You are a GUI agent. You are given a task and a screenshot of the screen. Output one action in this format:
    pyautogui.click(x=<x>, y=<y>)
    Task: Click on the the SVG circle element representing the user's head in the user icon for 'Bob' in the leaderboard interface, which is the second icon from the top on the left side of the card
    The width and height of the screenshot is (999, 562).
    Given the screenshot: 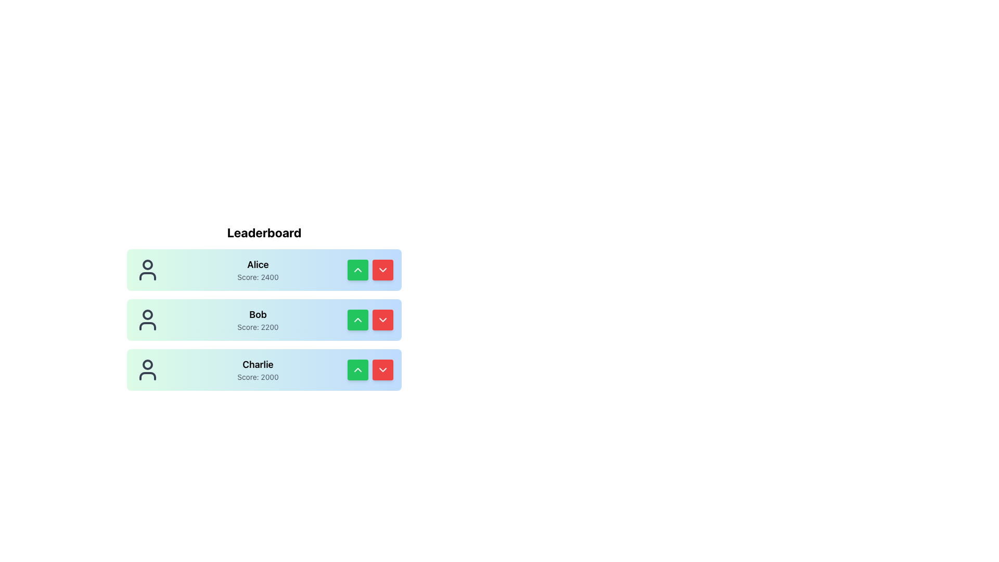 What is the action you would take?
    pyautogui.click(x=147, y=314)
    